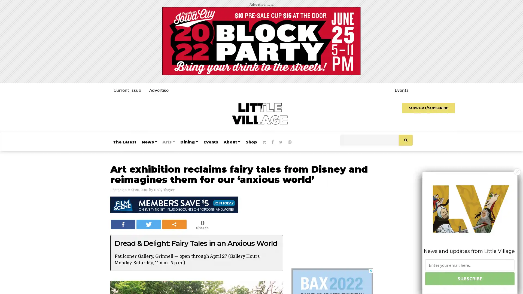  I want to click on SUBSCRIBE, so click(469, 278).